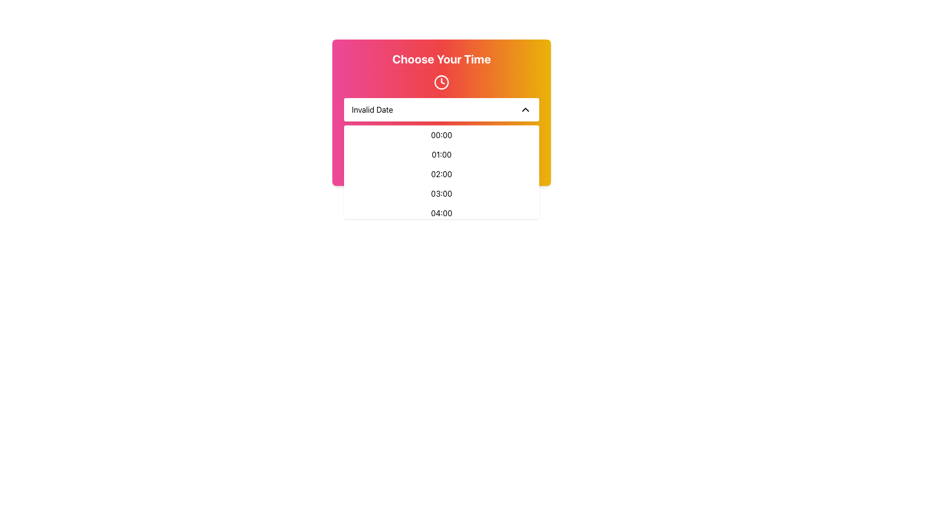  I want to click on the first option in the dropdown menu labeled '00:00' to trigger the yellow highlighting, so click(441, 135).